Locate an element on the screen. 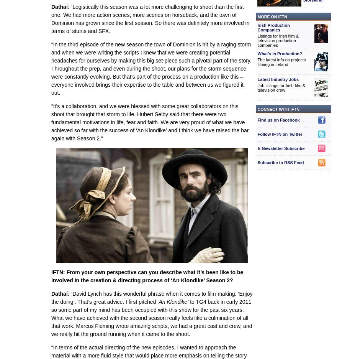 The width and height of the screenshot is (337, 359). ': “David Lynch has this wonderful phrase when it comes to film-making: ‘Enjoy the doing’. That’s great advice. I first pitched ‘' is located at coordinates (151, 298).